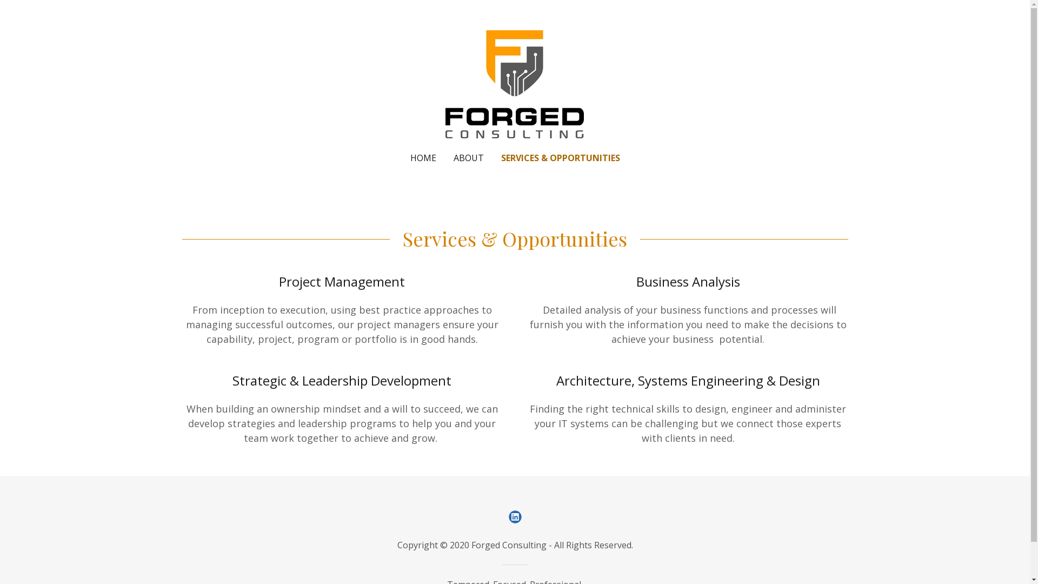  I want to click on 'SERVICES & OPPORTUNITIES', so click(560, 158).